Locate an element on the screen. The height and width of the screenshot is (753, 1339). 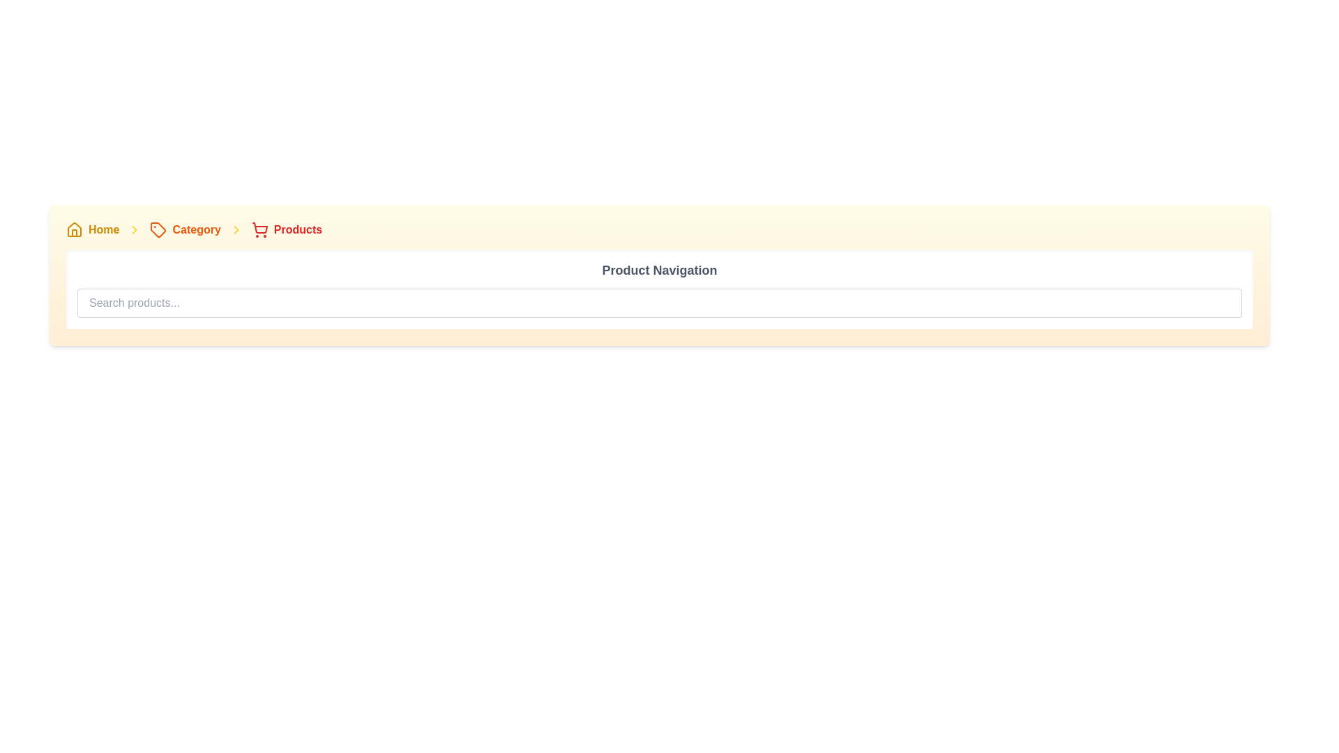
the chevron arrow icon pointing to the right, located in the breadcrumb navigation bar between 'Category' and 'Products' is located at coordinates (236, 229).